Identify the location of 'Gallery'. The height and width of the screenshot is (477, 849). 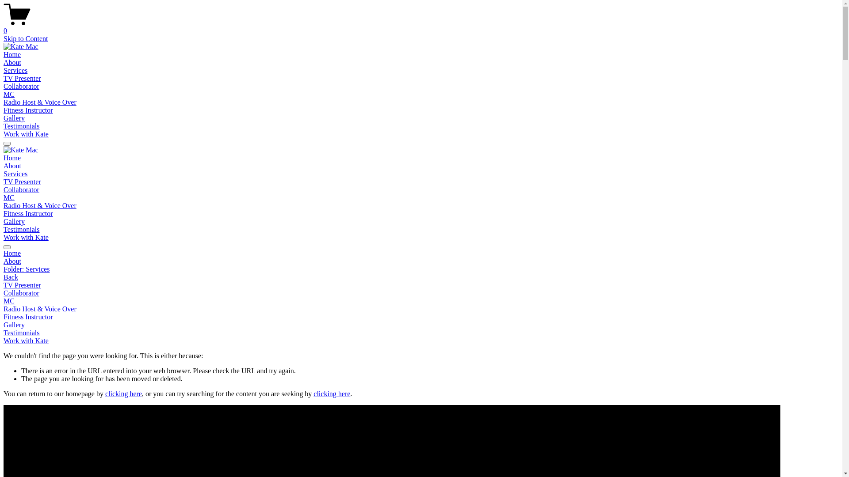
(4, 221).